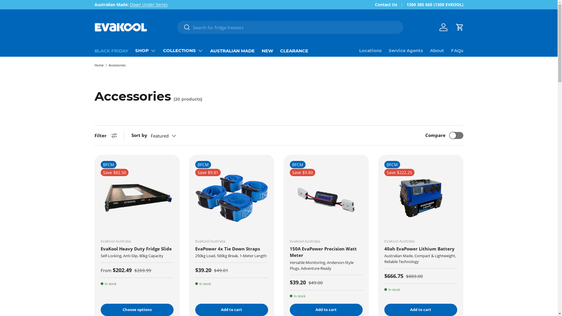 This screenshot has height=316, width=562. I want to click on 'FAQs', so click(450, 50).